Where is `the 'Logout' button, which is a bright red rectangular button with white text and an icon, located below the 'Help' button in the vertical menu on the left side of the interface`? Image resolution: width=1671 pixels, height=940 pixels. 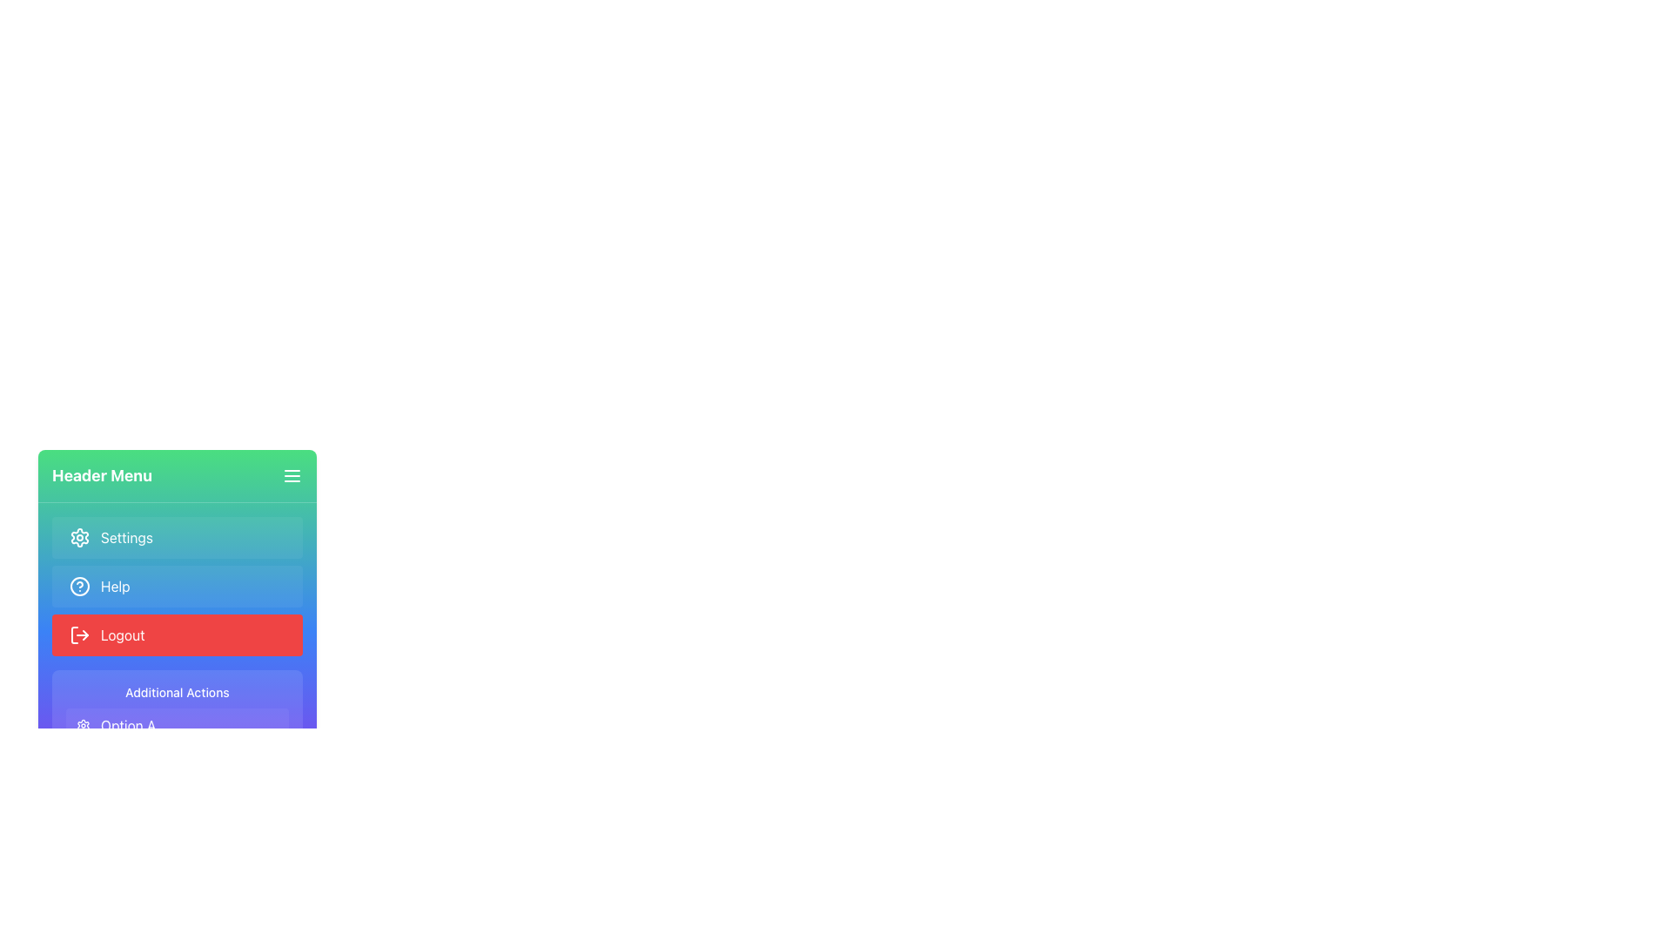
the 'Logout' button, which is a bright red rectangular button with white text and an icon, located below the 'Help' button in the vertical menu on the left side of the interface is located at coordinates (177, 631).